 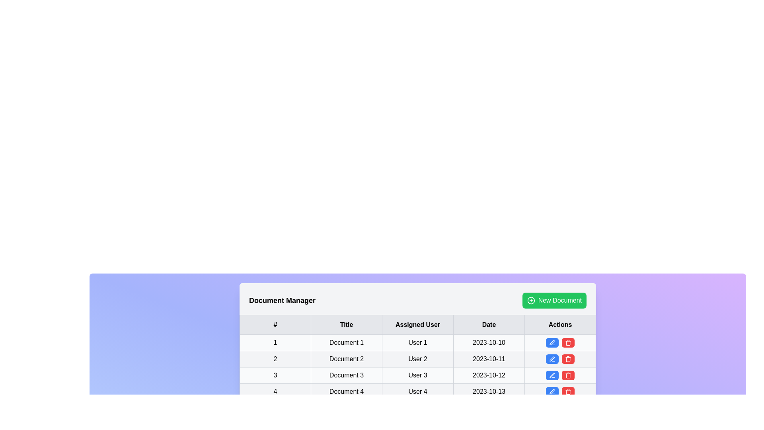 What do you see at coordinates (346, 375) in the screenshot?
I see `the Table Cell displaying 'Document 3' in the third row of the 'Document Manager' table` at bounding box center [346, 375].